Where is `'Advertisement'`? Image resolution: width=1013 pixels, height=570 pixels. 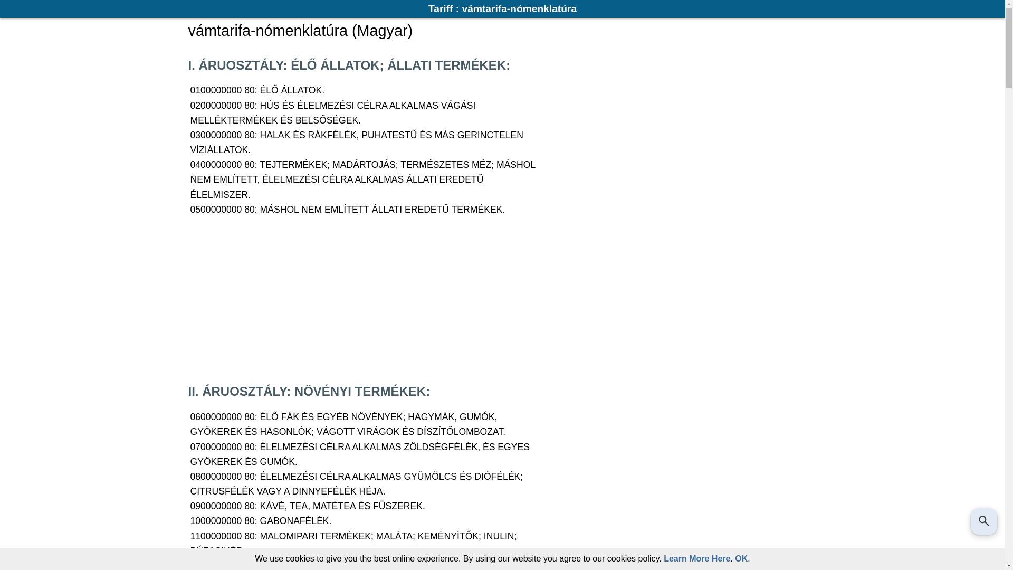 'Advertisement' is located at coordinates (187, 299).